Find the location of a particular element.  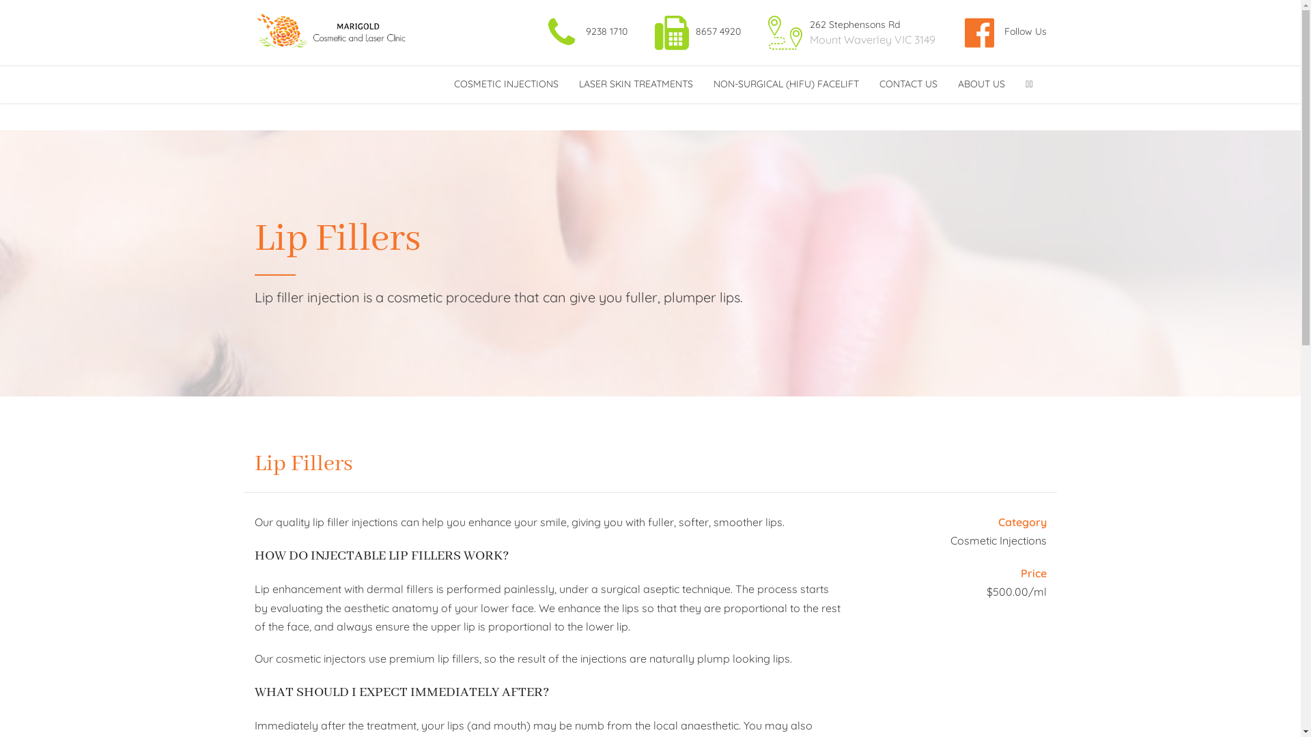

'NON-SURGICAL (HIFU) FACELIFT' is located at coordinates (786, 84).